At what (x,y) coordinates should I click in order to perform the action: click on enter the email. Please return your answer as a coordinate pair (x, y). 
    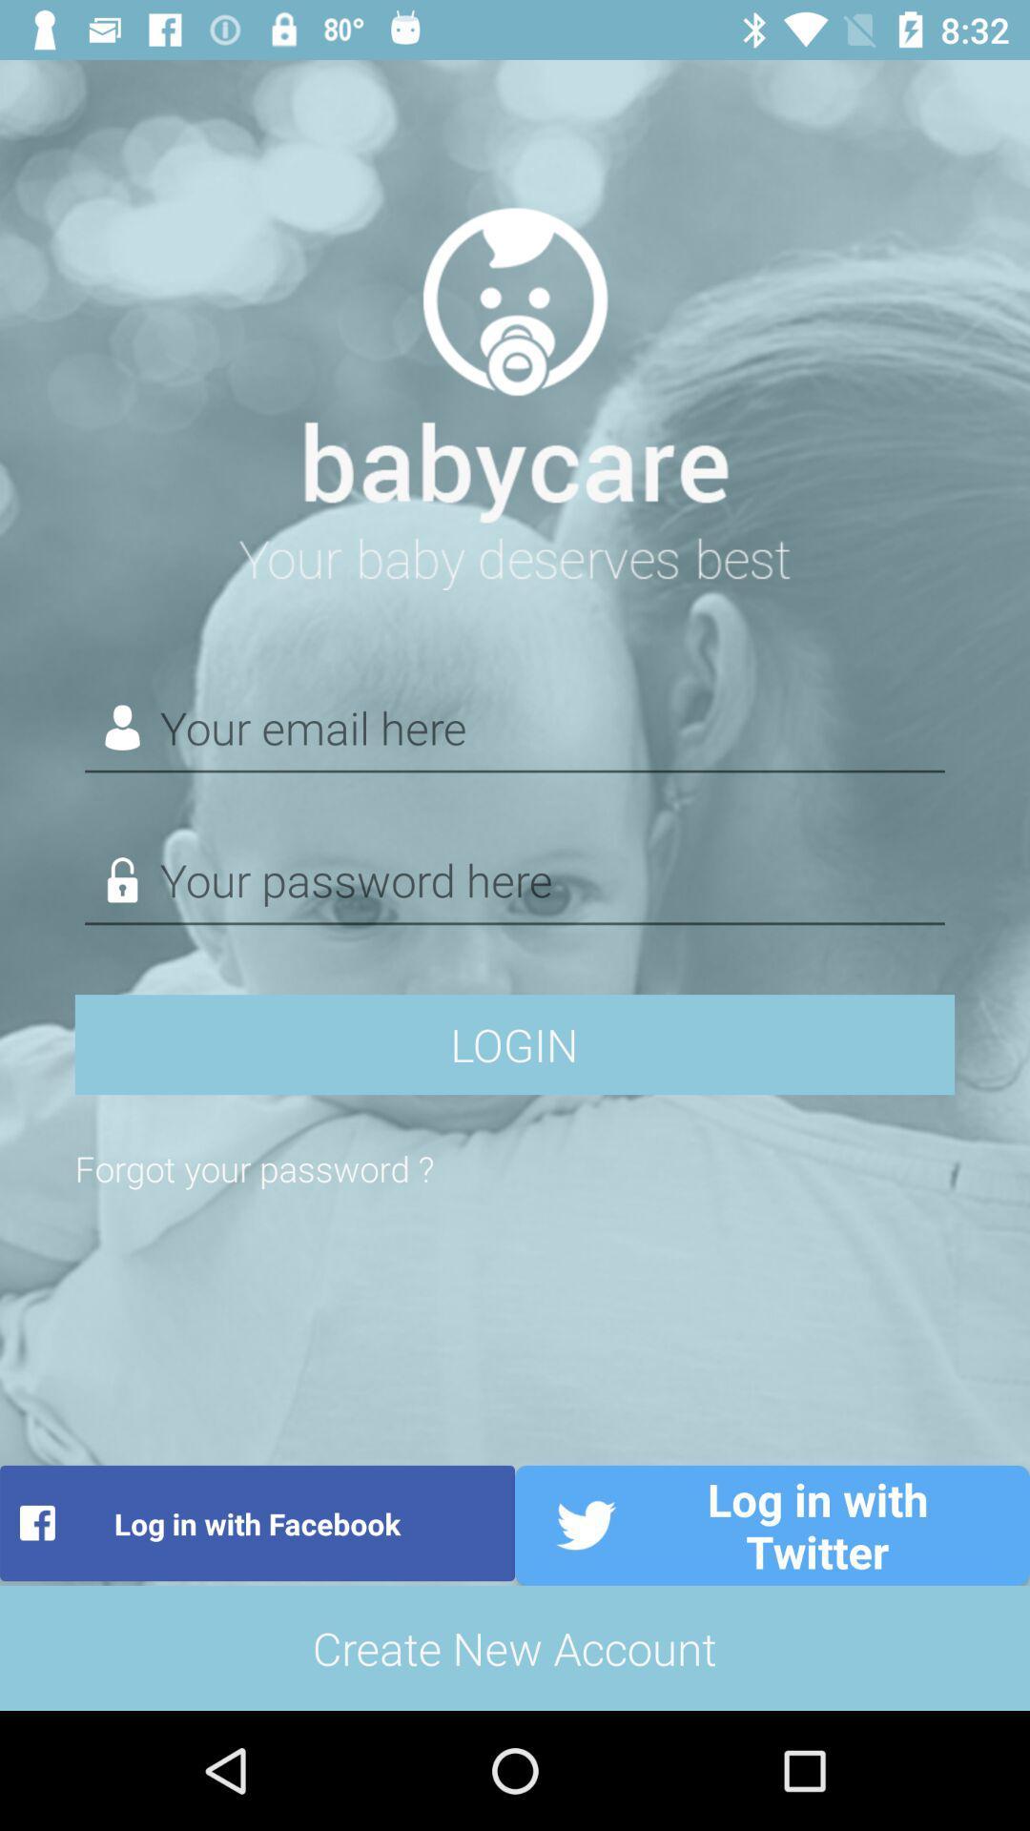
    Looking at the image, I should click on (515, 728).